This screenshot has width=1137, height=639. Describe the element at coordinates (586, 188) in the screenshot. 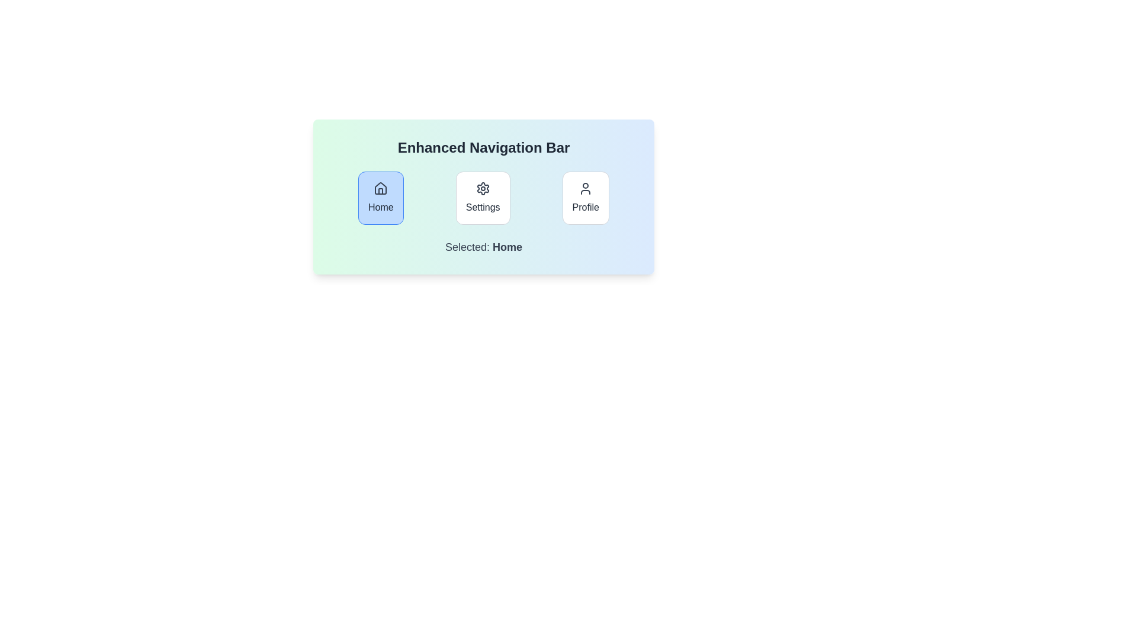

I see `the user profile indicator icon located on the right side of the navigation bar, which visually represents the 'Profile' button` at that location.